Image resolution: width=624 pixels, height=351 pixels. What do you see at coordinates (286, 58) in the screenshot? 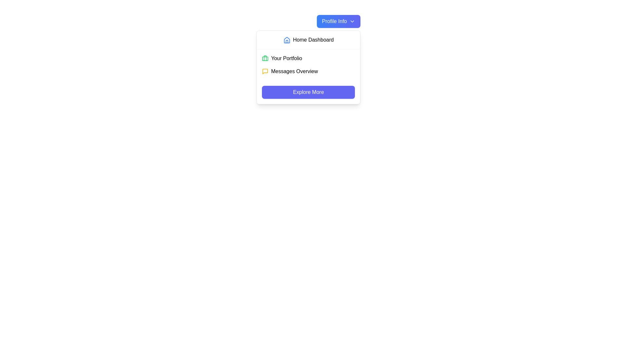
I see `text label stating 'Your Portfolio' which is the second item in the vertical menu structure, located below 'Home Dashboard' and above 'Messages Overview'` at bounding box center [286, 58].